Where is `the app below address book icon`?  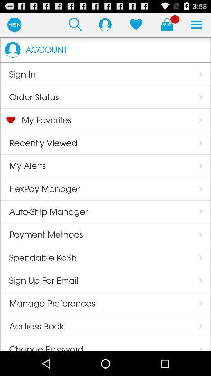
the app below address book icon is located at coordinates (41, 344).